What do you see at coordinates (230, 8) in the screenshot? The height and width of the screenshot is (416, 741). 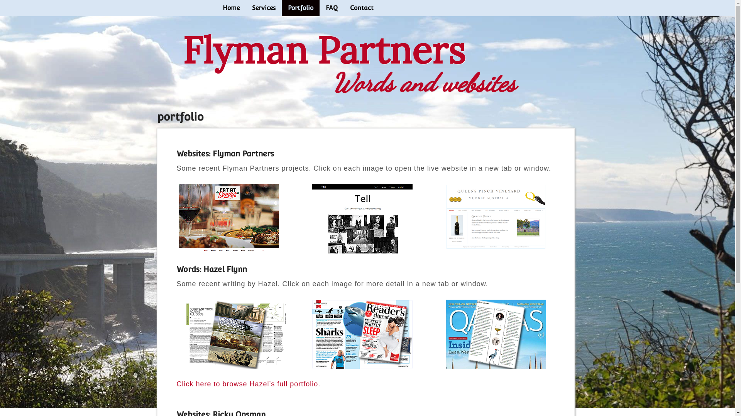 I see `'Home'` at bounding box center [230, 8].